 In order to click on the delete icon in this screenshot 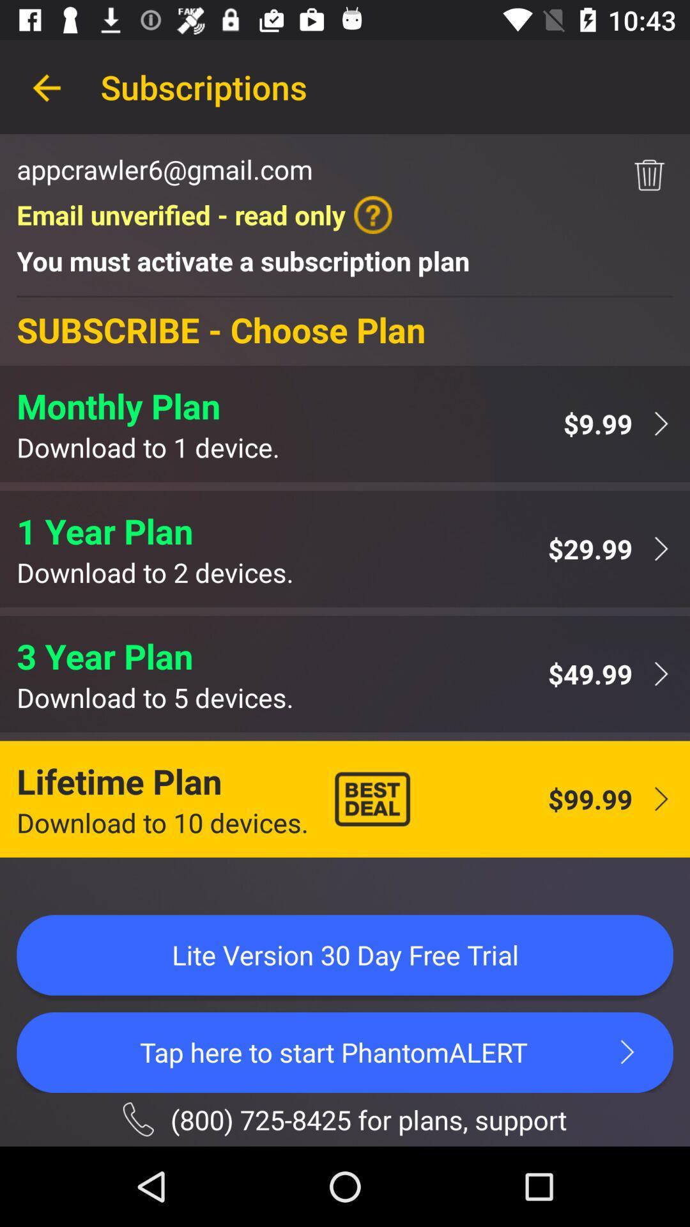, I will do `click(649, 174)`.